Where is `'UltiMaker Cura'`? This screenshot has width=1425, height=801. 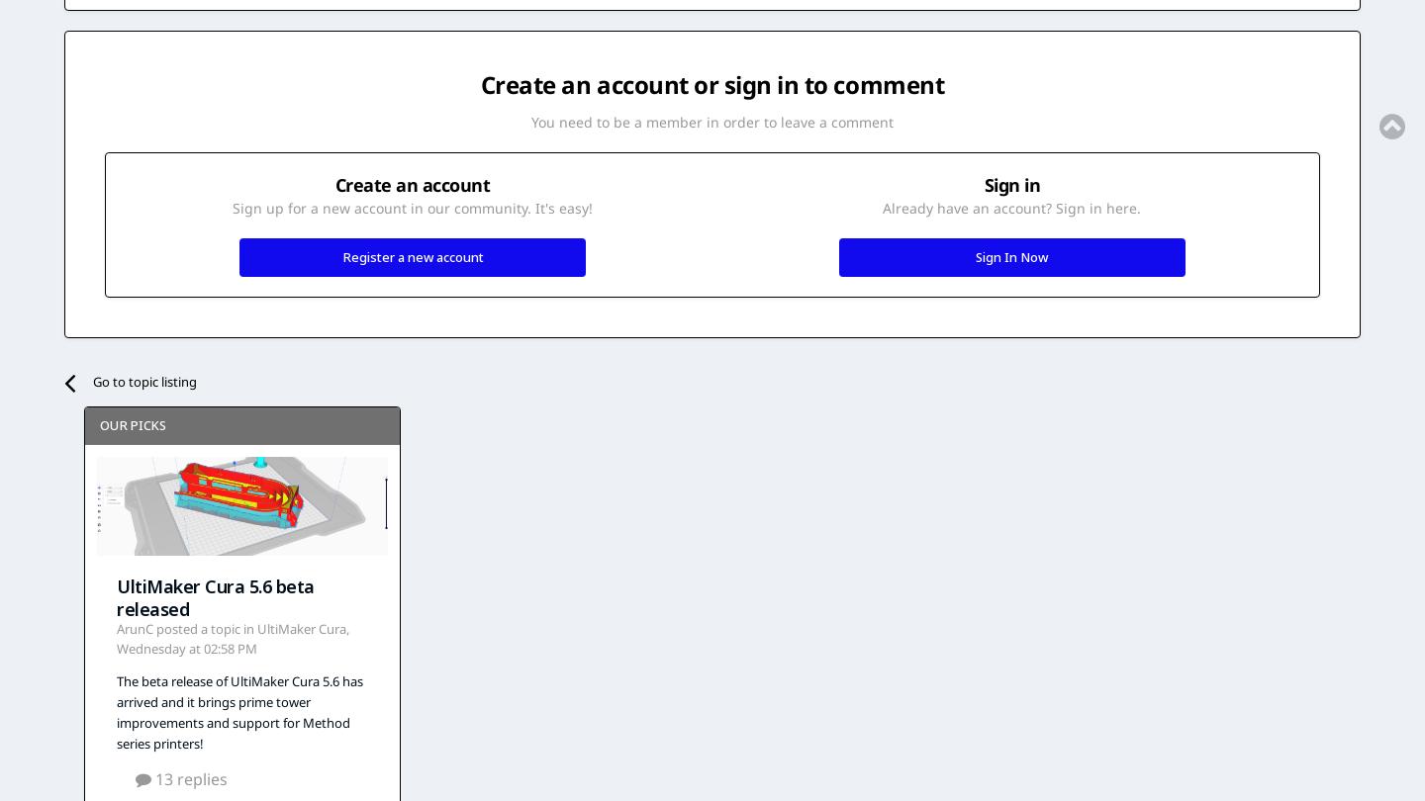 'UltiMaker Cura' is located at coordinates (301, 628).